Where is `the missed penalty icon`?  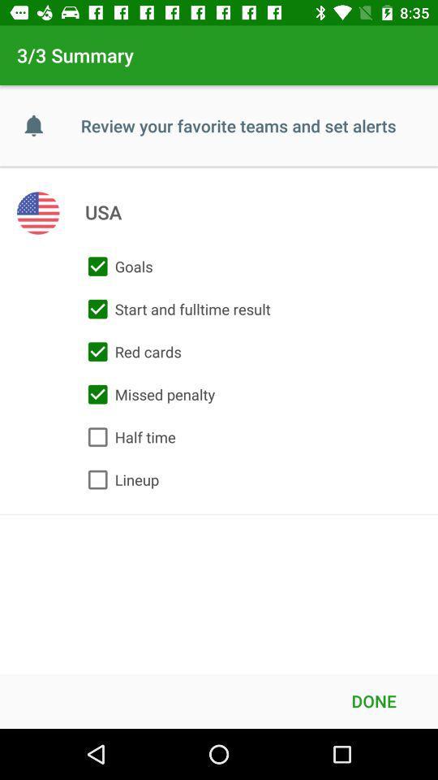 the missed penalty icon is located at coordinates (148, 393).